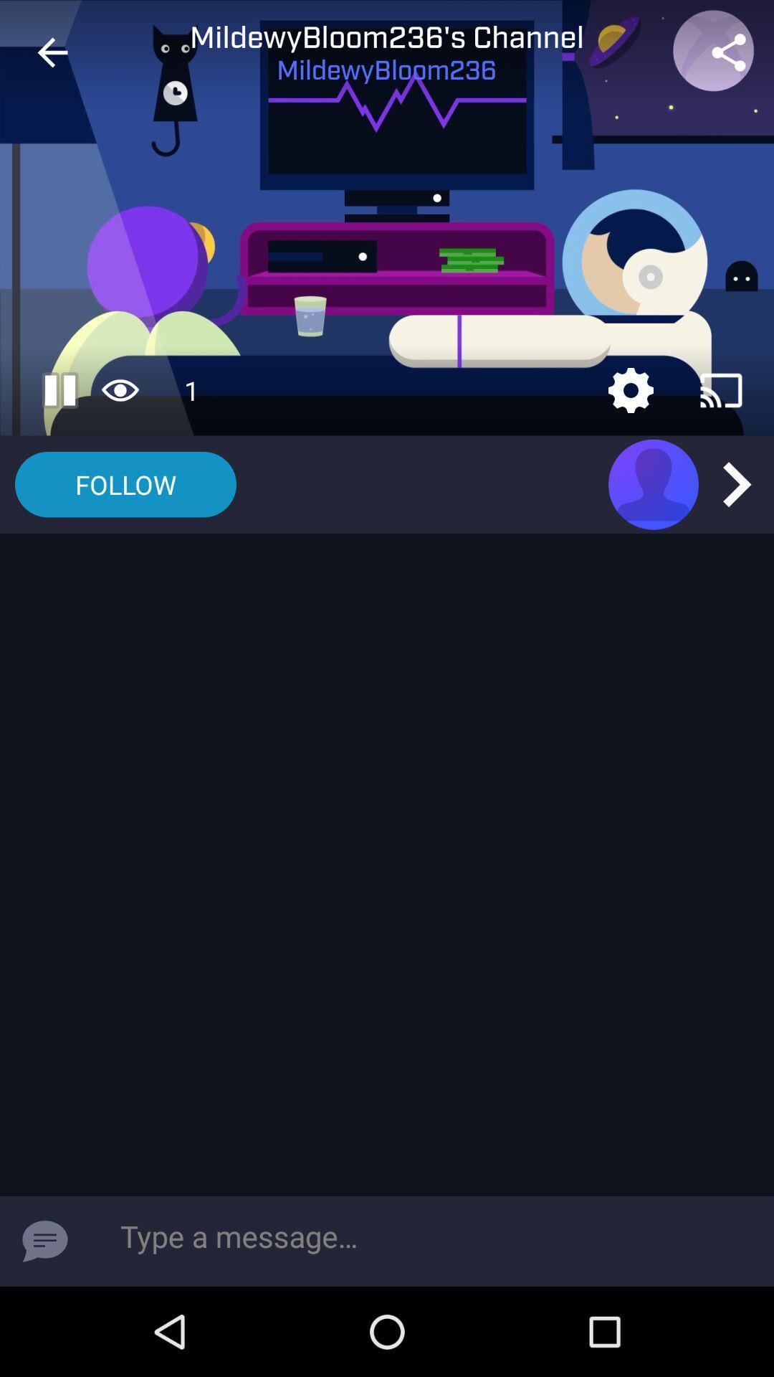 The width and height of the screenshot is (774, 1377). Describe the element at coordinates (44, 1241) in the screenshot. I see `send a message` at that location.